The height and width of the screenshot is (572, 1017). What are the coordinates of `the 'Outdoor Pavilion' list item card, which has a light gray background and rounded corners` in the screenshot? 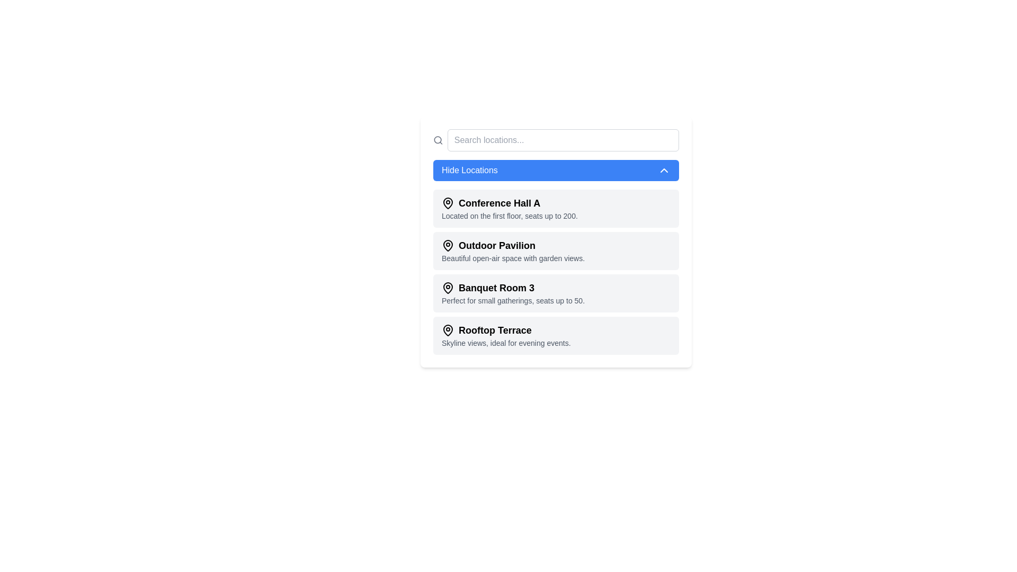 It's located at (556, 251).